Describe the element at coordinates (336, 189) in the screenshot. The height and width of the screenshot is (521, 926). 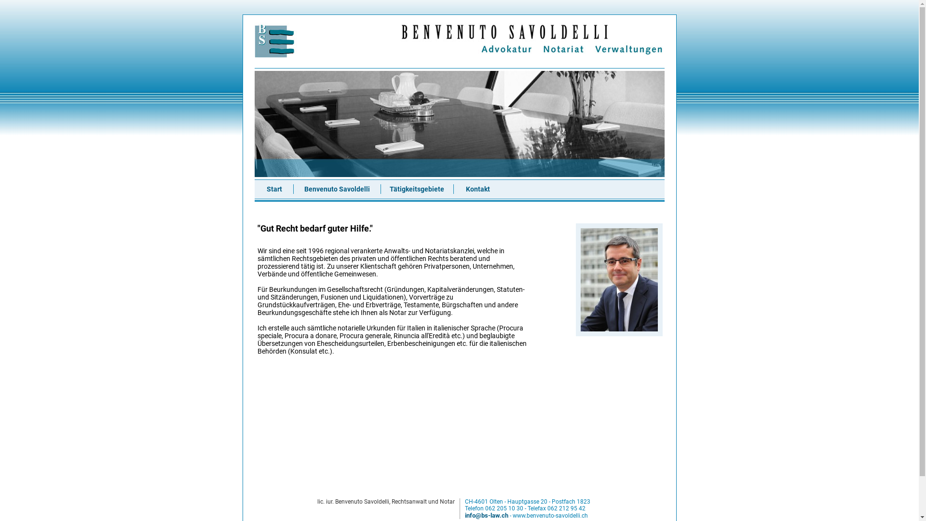
I see `'Benvenuto Savoldelli'` at that location.